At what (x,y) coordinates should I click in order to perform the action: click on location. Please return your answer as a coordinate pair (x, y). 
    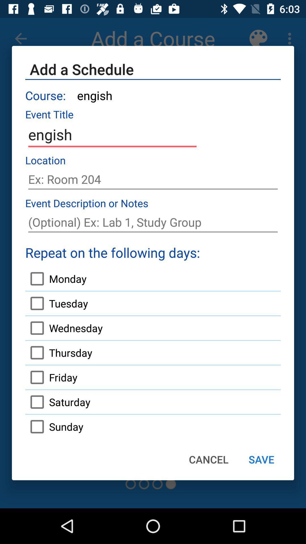
    Looking at the image, I should click on (153, 179).